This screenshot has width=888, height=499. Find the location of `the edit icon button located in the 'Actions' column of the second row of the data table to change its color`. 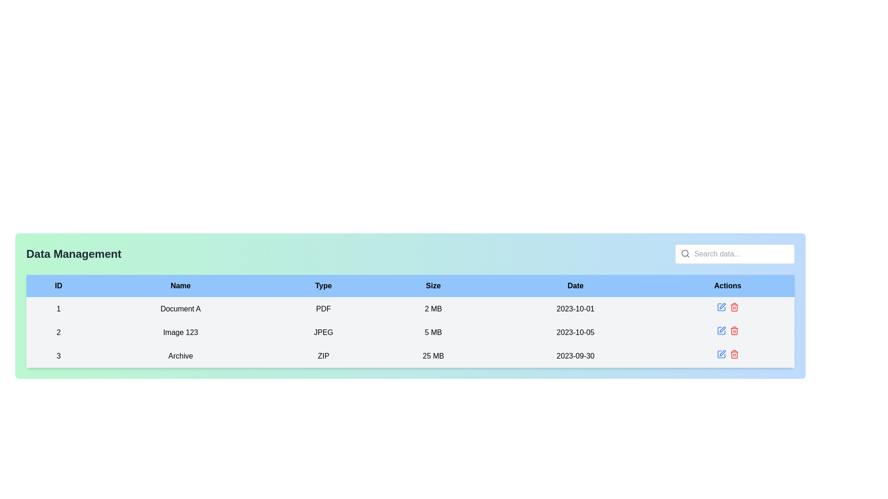

the edit icon button located in the 'Actions' column of the second row of the data table to change its color is located at coordinates (721, 330).